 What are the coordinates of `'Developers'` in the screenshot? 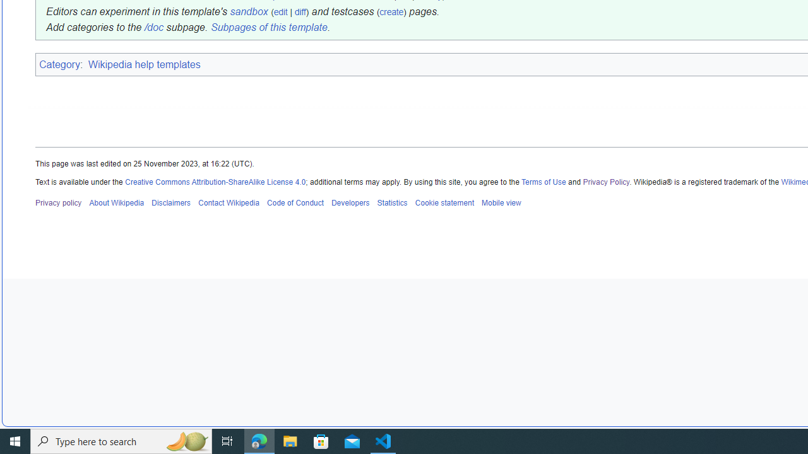 It's located at (350, 202).